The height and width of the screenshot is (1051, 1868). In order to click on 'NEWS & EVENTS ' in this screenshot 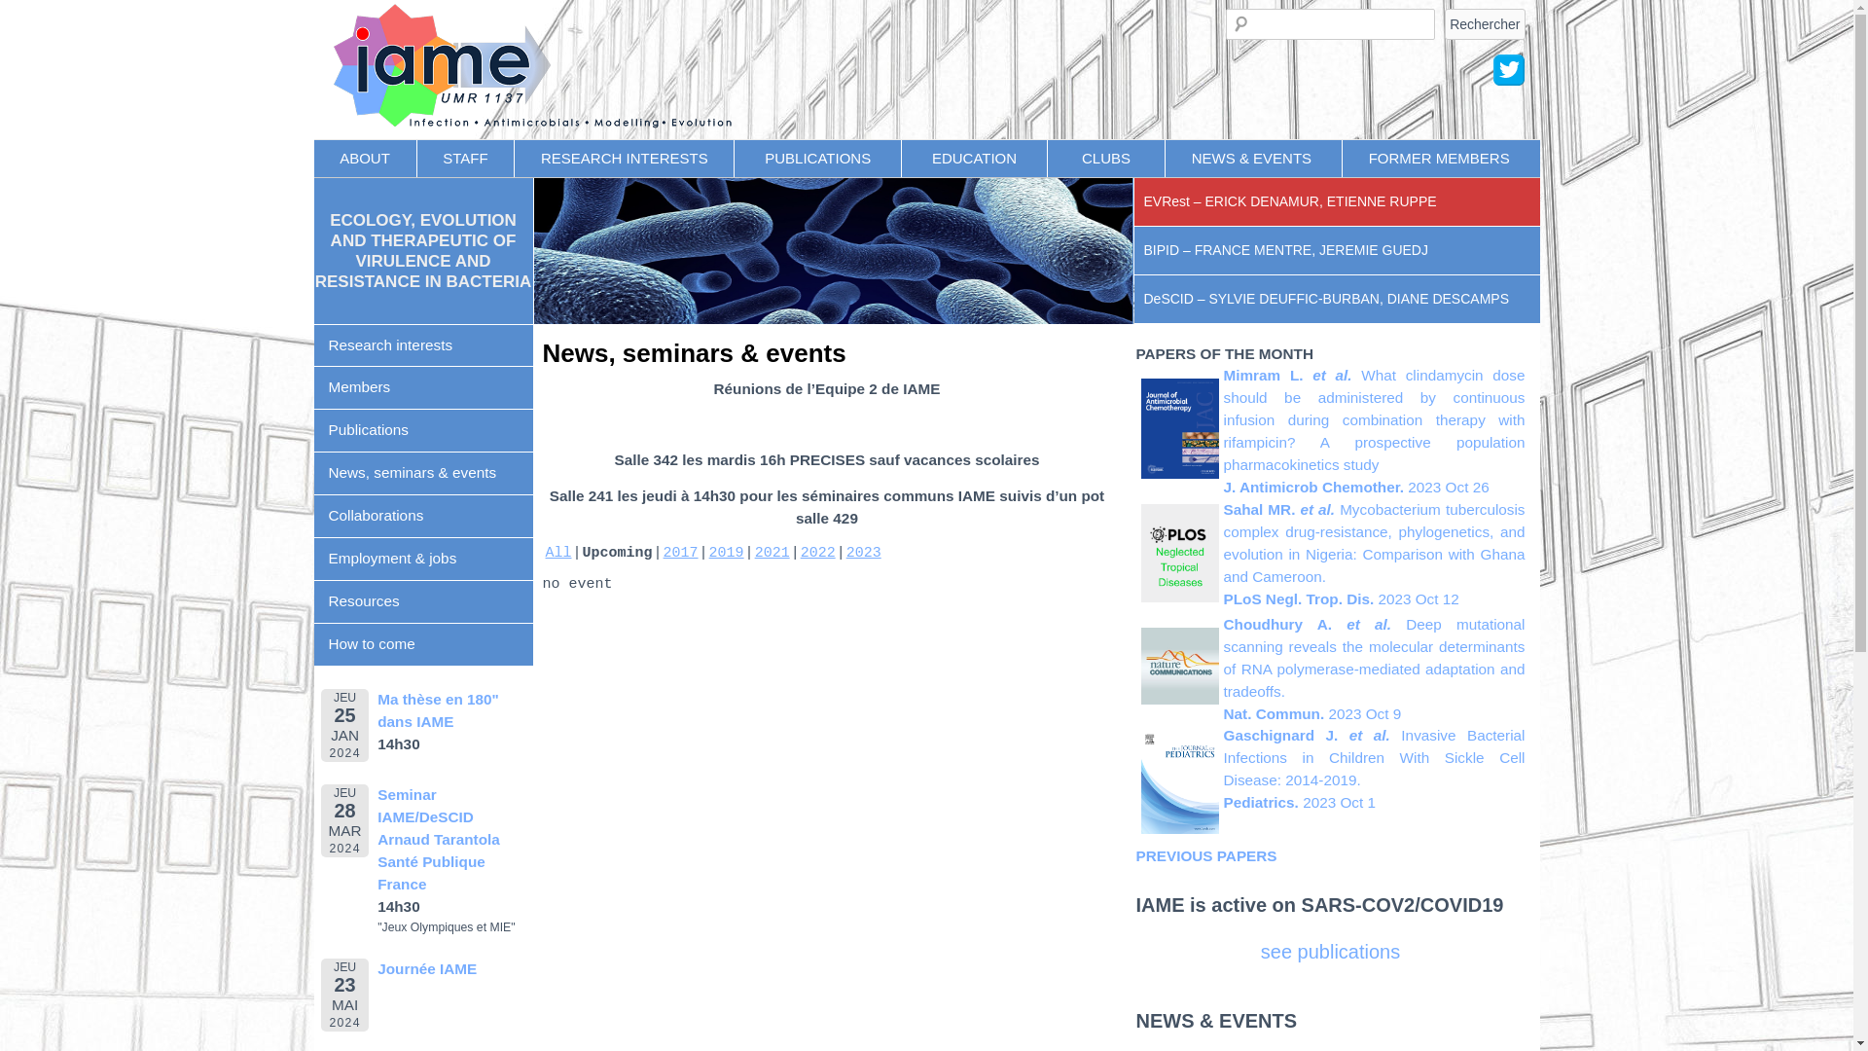, I will do `click(1253, 157)`.